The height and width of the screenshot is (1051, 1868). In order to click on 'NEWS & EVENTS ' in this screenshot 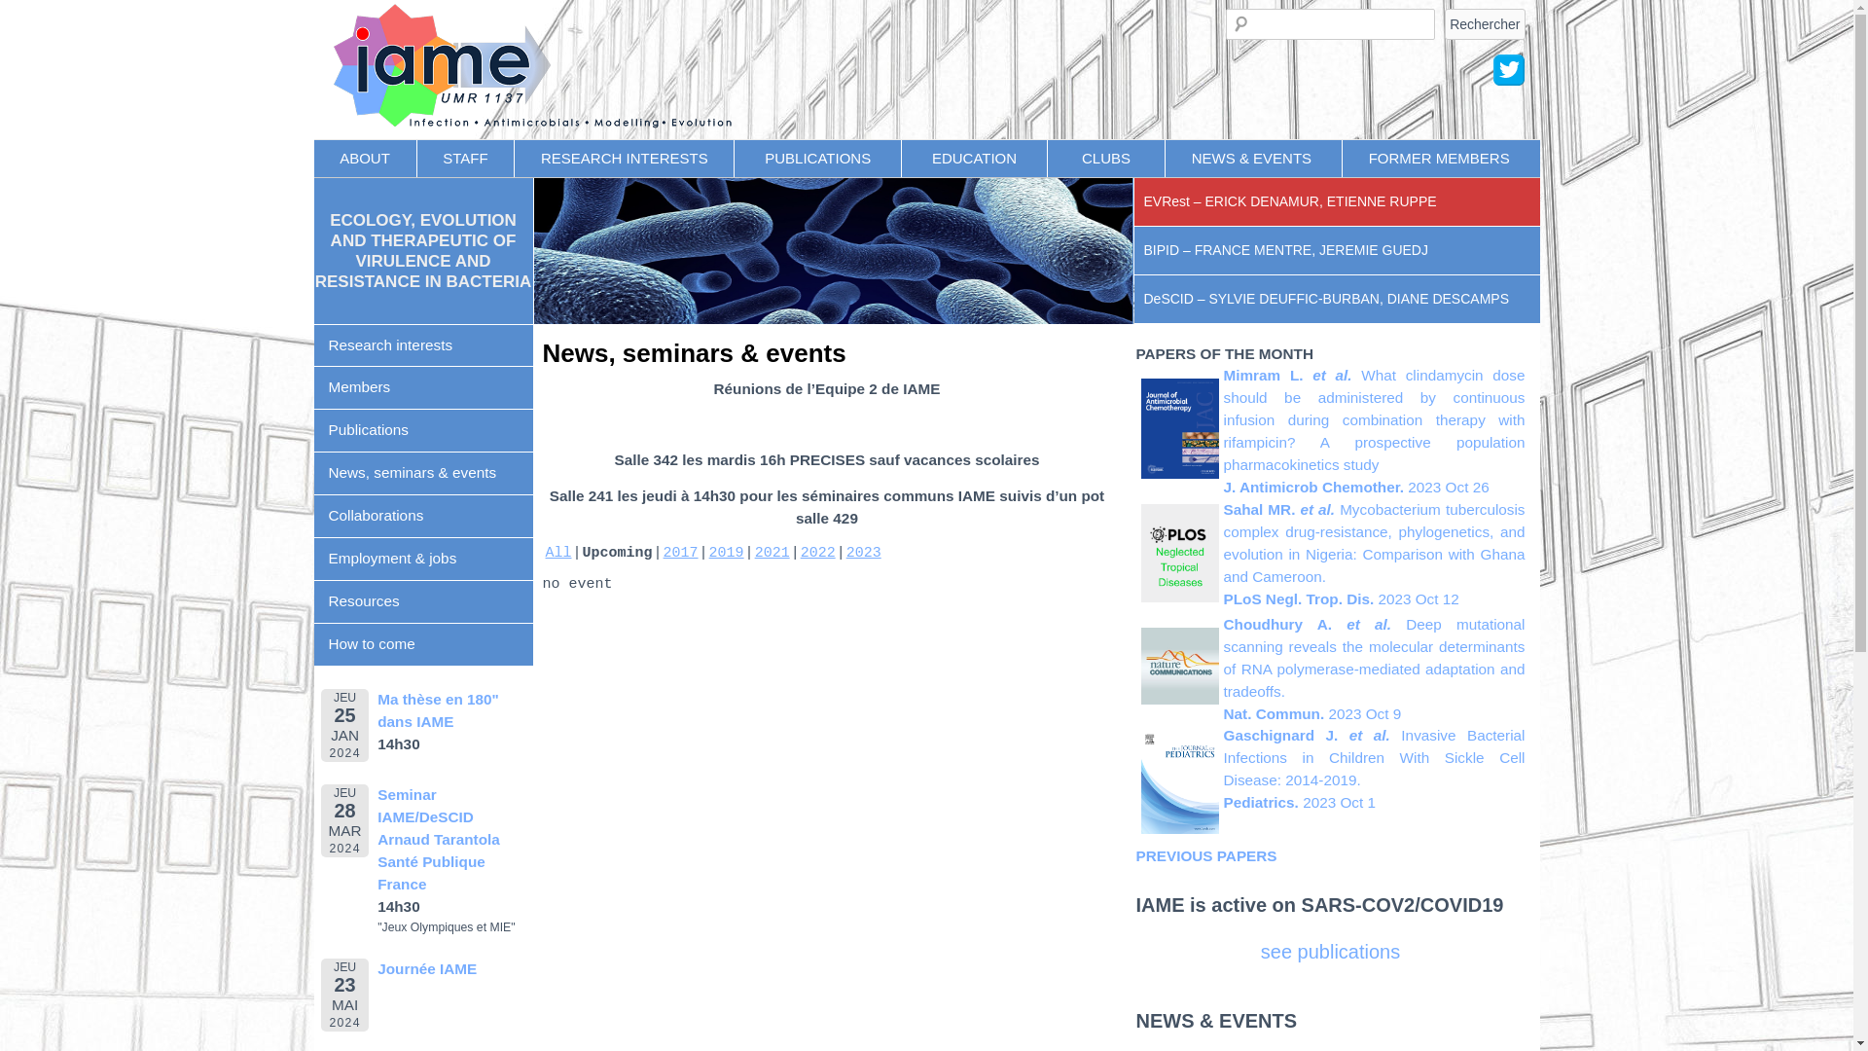, I will do `click(1253, 157)`.